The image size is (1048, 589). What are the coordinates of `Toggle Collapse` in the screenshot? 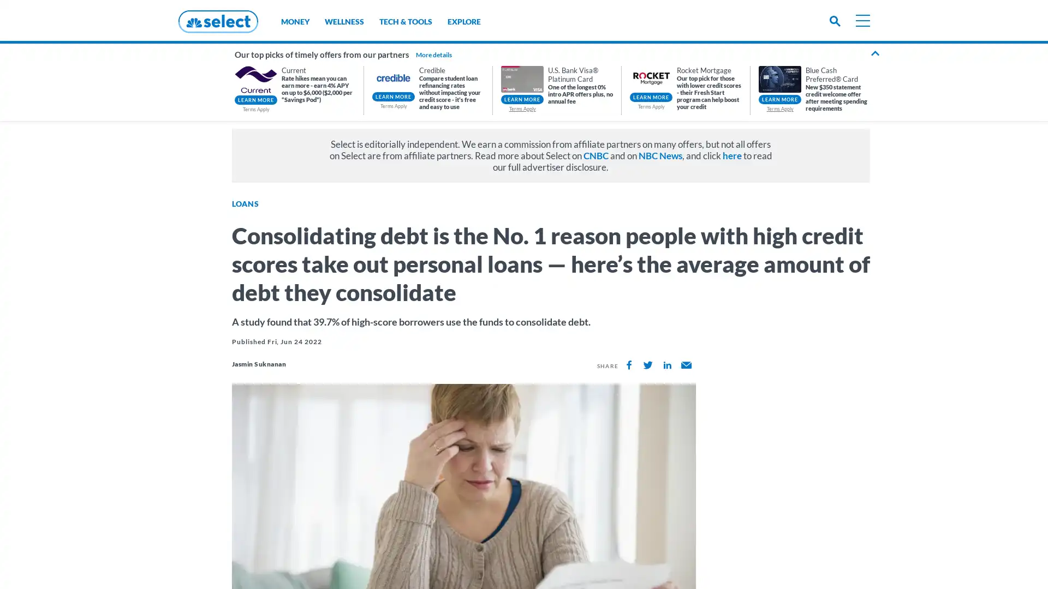 It's located at (875, 55).